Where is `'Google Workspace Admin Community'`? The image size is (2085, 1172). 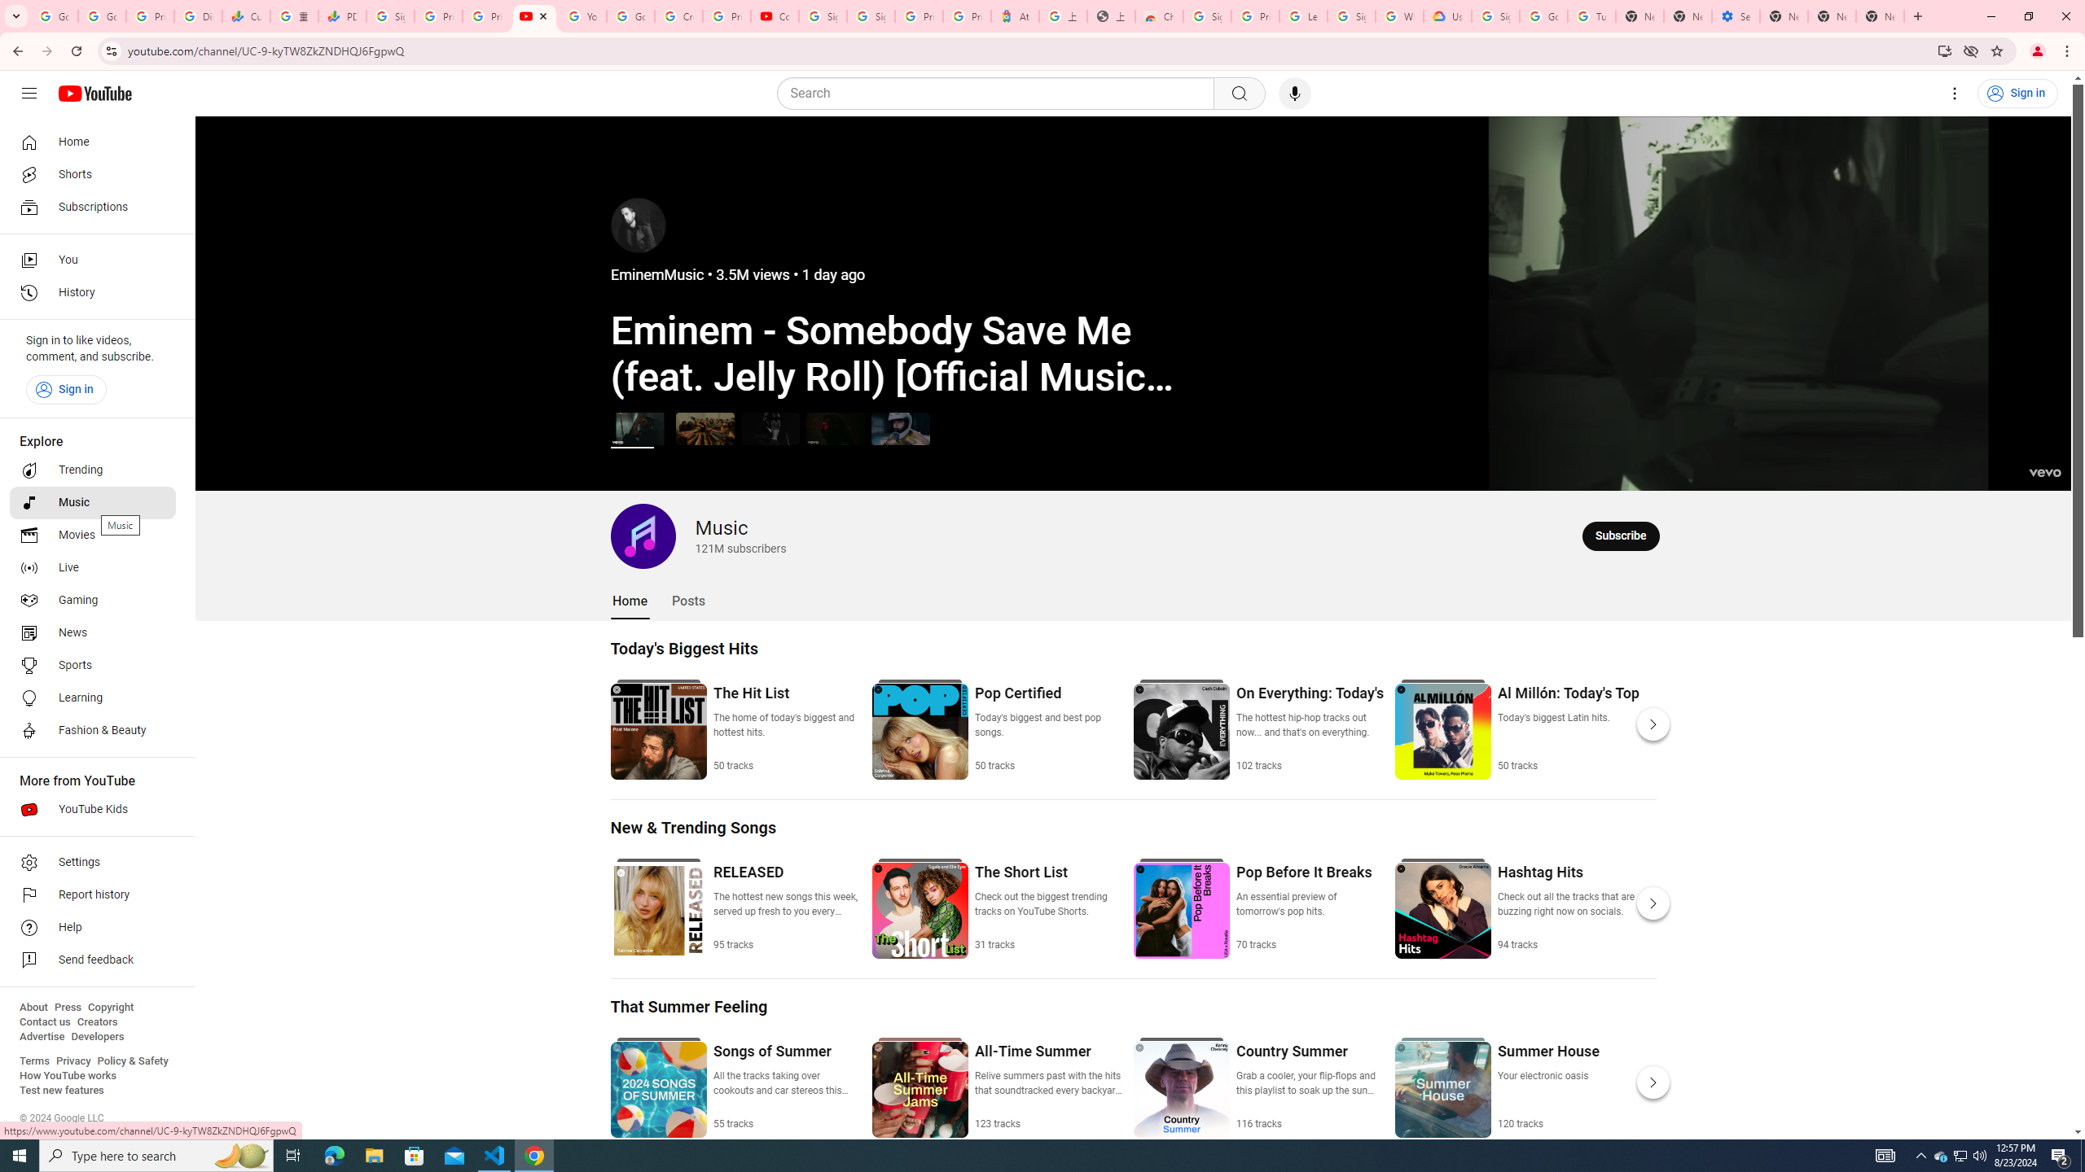
'Google Workspace Admin Community' is located at coordinates (53, 15).